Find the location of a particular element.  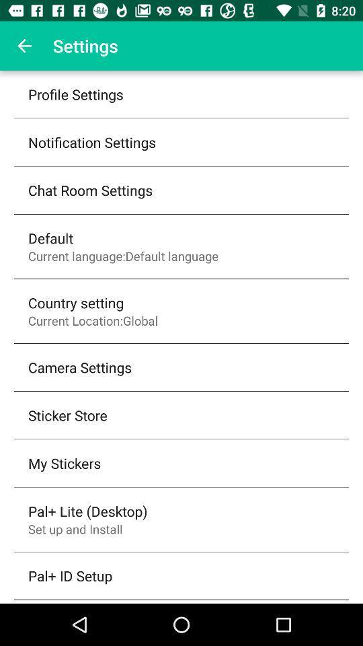

the icon below the current location:global icon is located at coordinates (80, 367).